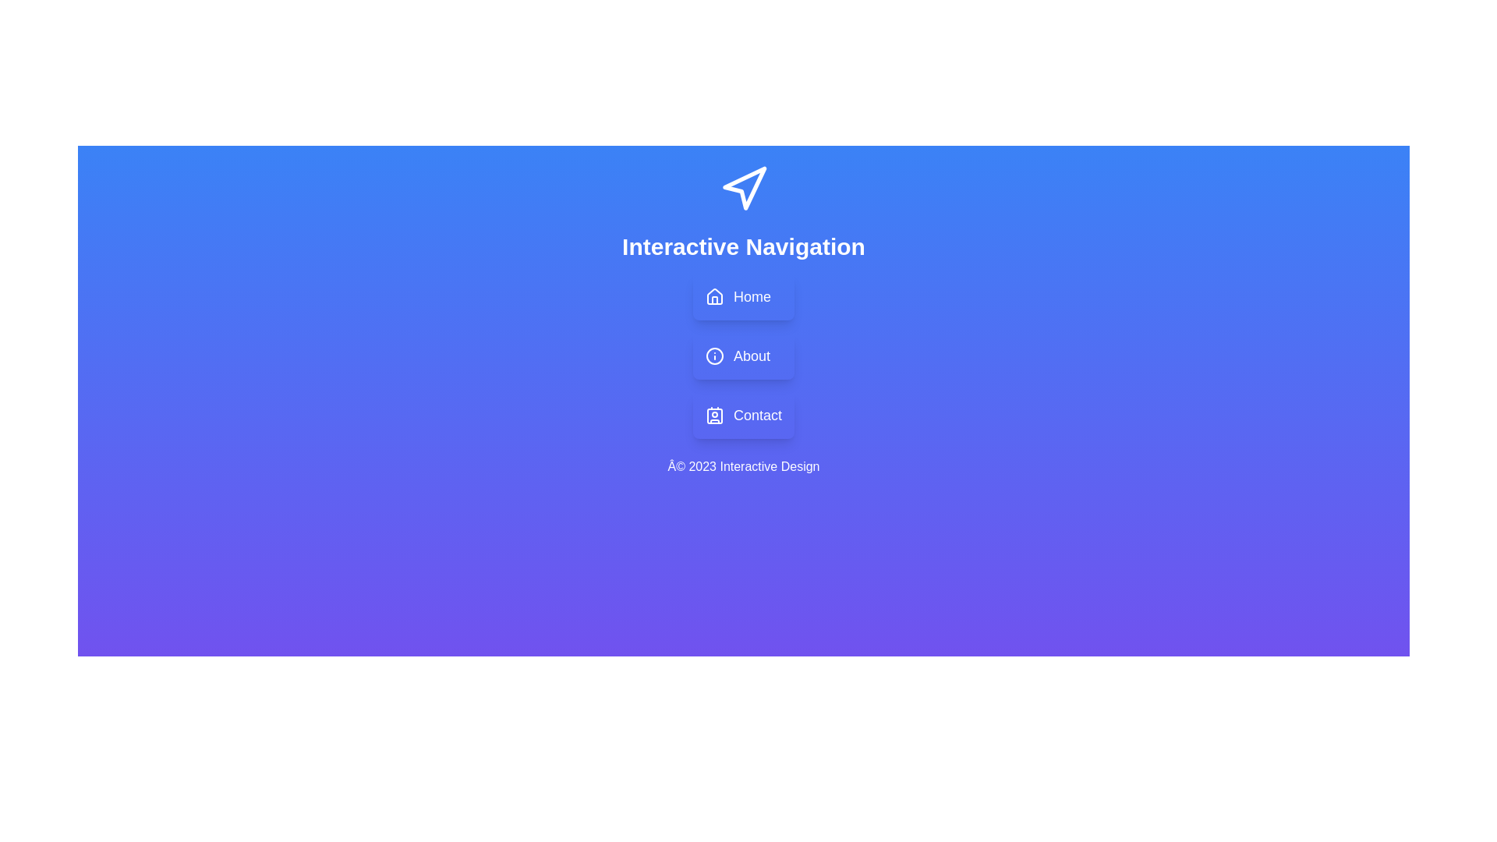  I want to click on the inner vertical line of the house icon in the blue 'Home' button, which is centrally located at the top of the vertical menu, so click(713, 300).